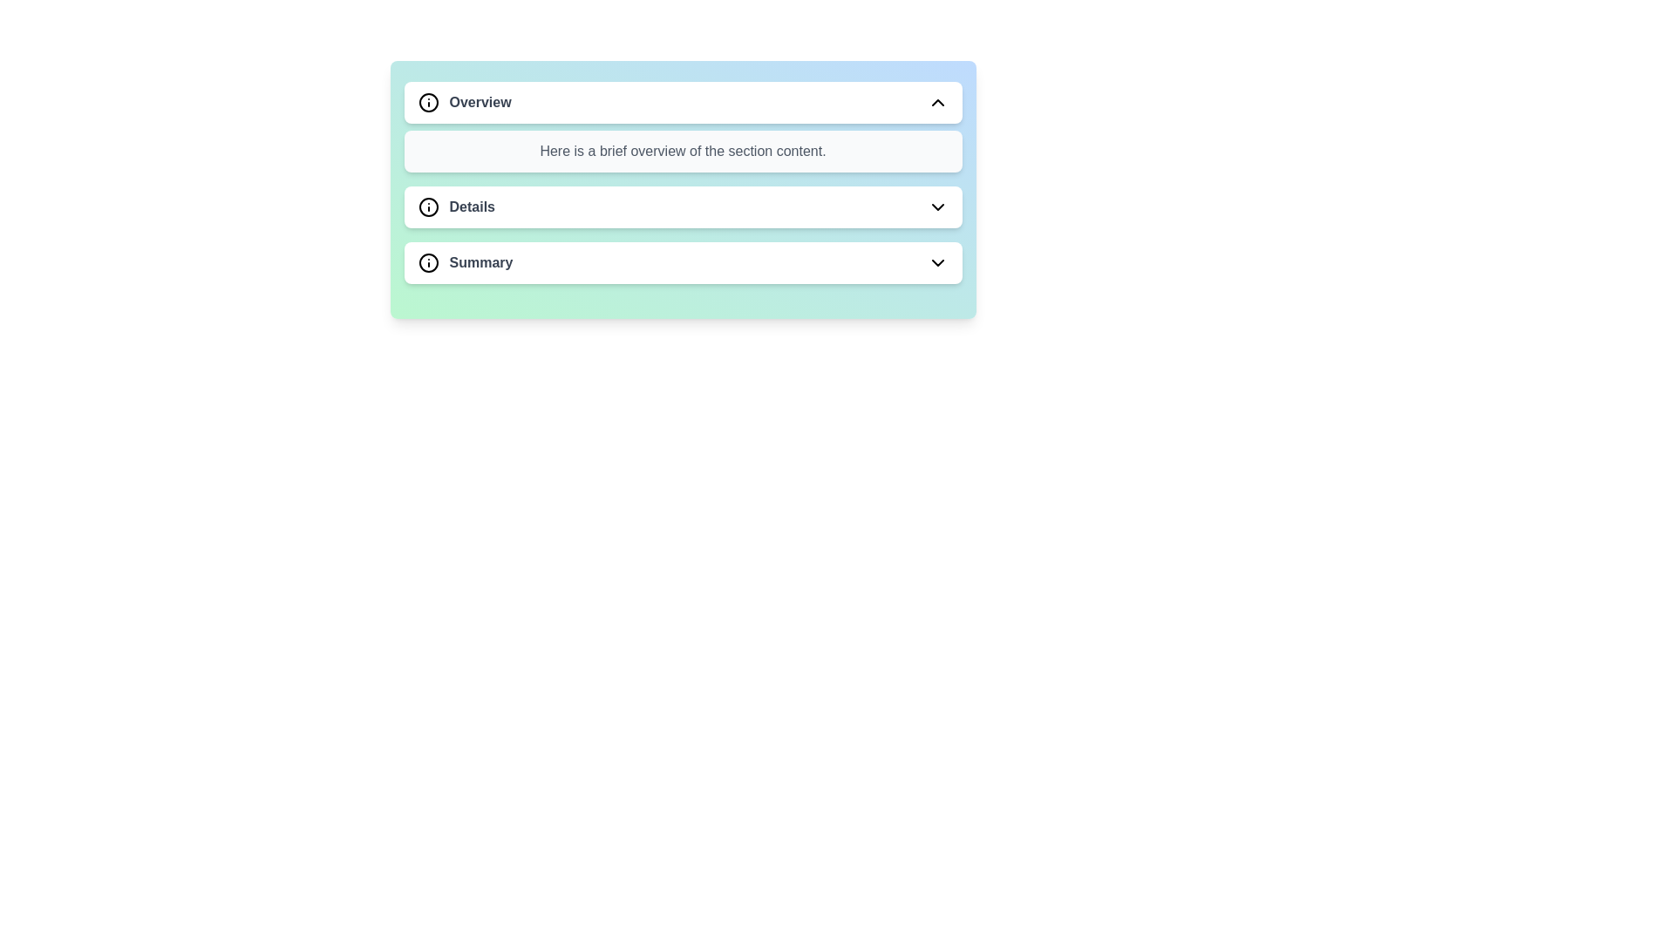 Image resolution: width=1674 pixels, height=941 pixels. I want to click on the downward-pointing chevron SVG icon located at the far-right edge of the 'Summary' row, so click(936, 262).